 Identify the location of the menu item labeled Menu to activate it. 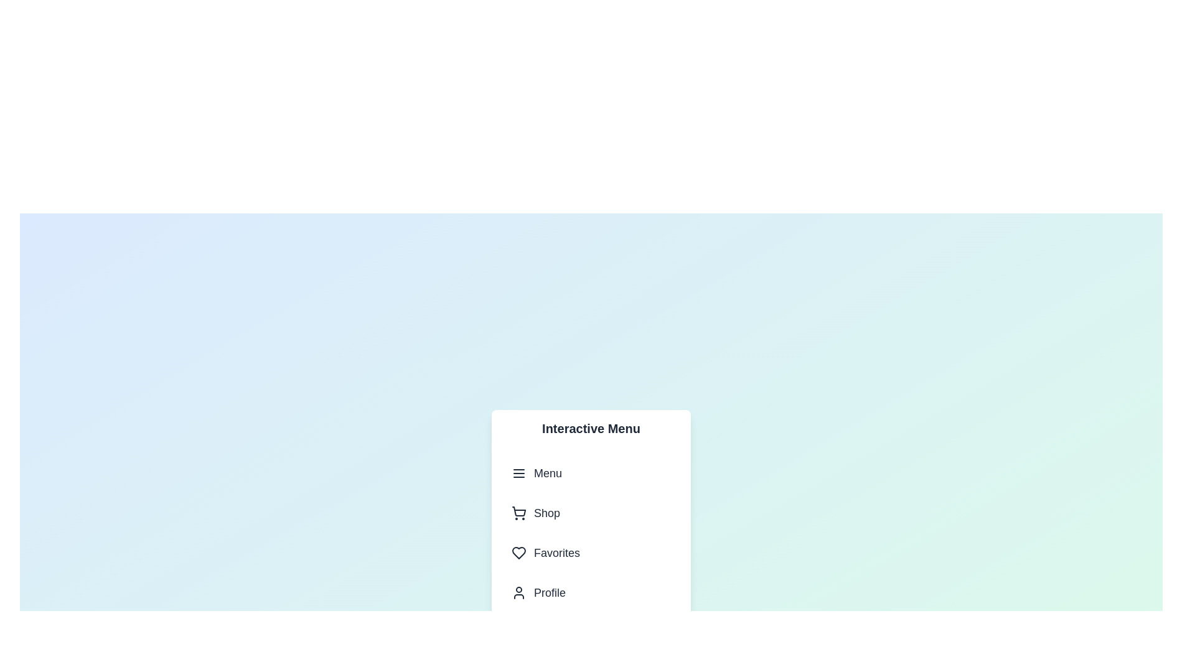
(591, 473).